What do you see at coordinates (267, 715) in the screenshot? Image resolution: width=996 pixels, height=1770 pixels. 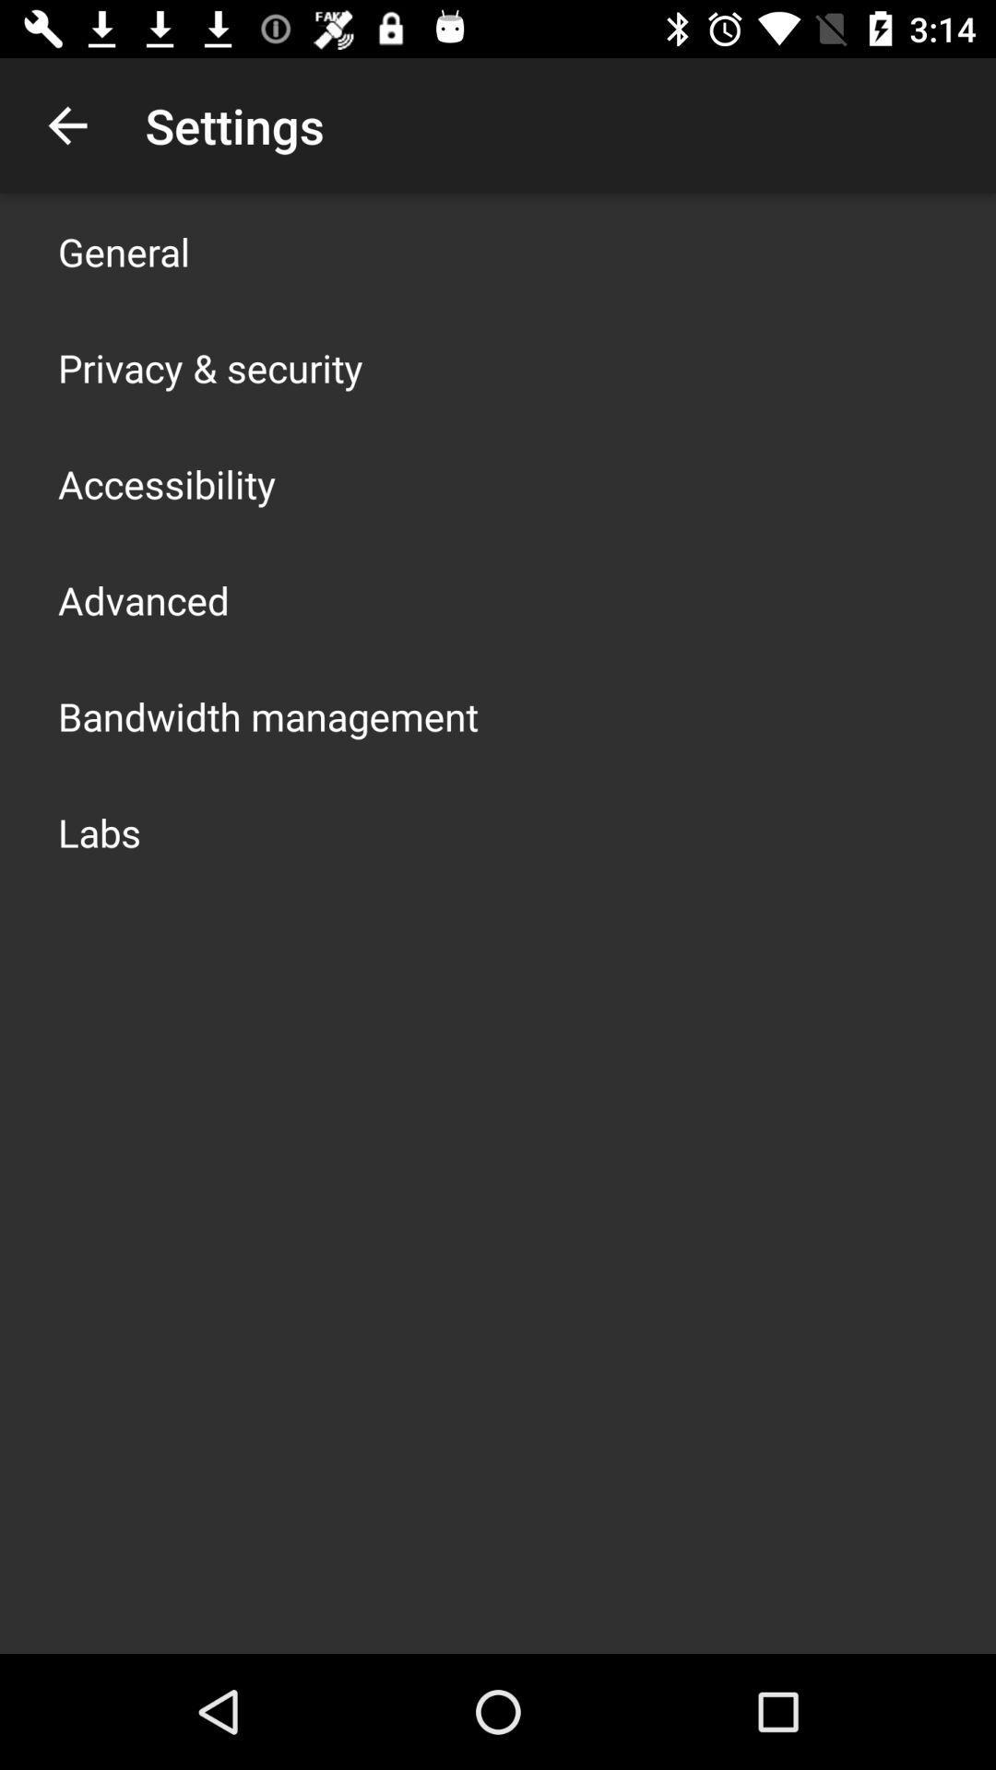 I see `bandwidth management icon` at bounding box center [267, 715].